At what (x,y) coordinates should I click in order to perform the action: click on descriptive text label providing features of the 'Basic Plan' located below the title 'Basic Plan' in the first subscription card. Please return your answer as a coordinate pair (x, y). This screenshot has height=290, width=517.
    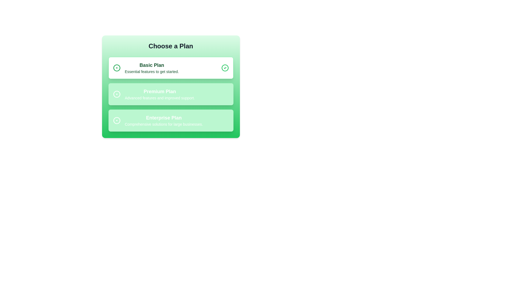
    Looking at the image, I should click on (151, 71).